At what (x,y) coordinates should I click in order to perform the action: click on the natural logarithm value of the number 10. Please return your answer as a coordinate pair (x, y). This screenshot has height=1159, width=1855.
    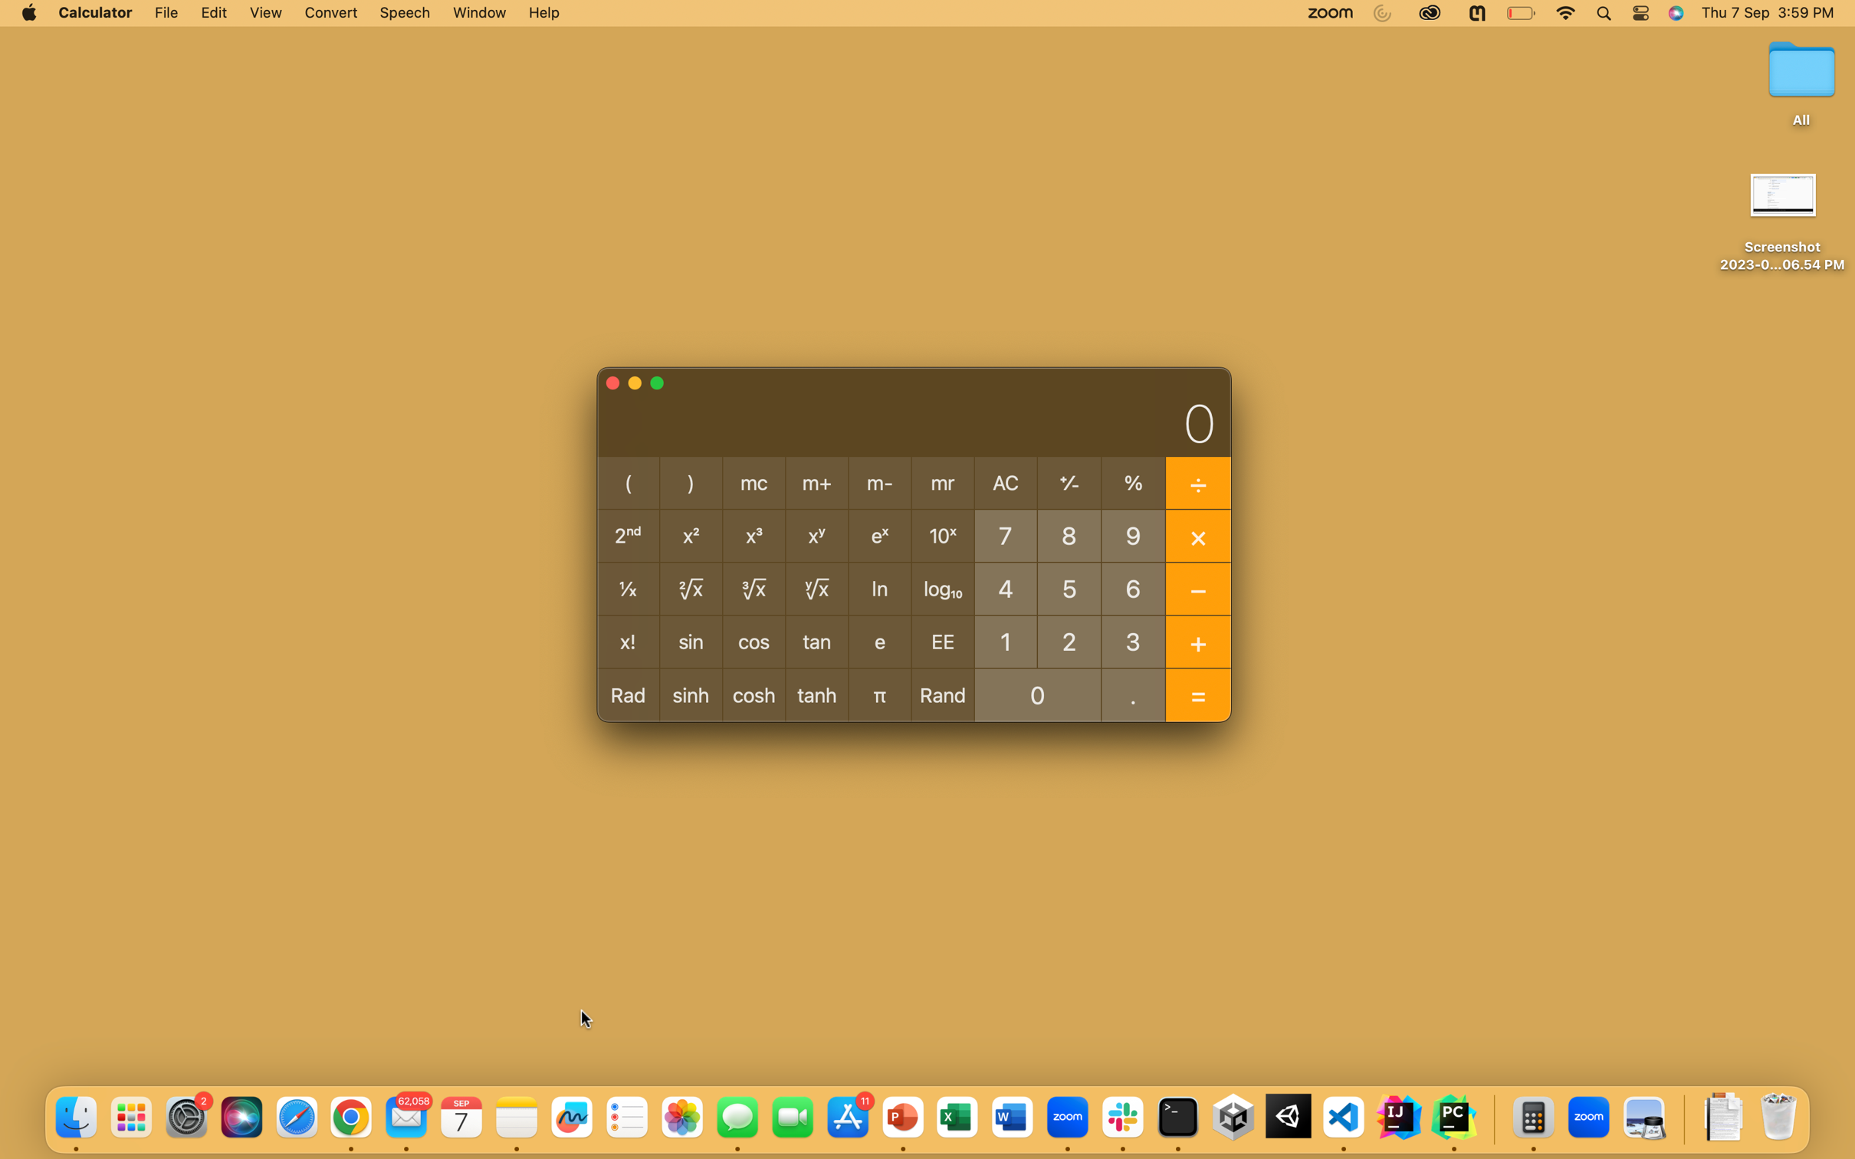
    Looking at the image, I should click on (1005, 640).